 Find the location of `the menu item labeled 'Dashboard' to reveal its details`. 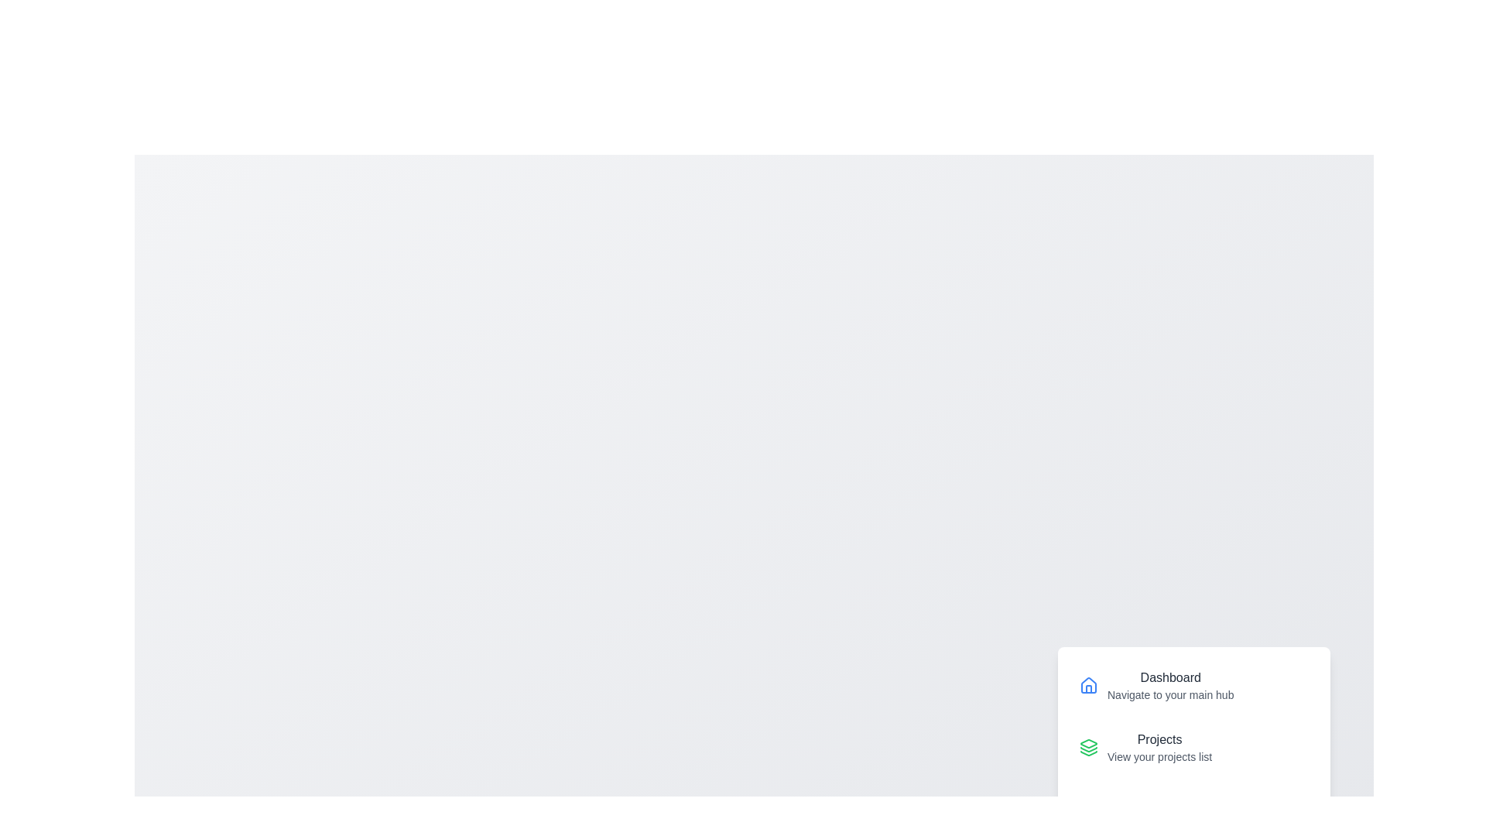

the menu item labeled 'Dashboard' to reveal its details is located at coordinates (1193, 685).